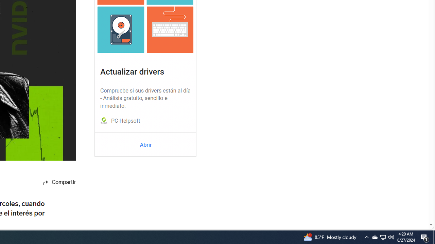 This screenshot has width=435, height=244. What do you see at coordinates (52, 182) in the screenshot?
I see `'Share icon Compartir'` at bounding box center [52, 182].